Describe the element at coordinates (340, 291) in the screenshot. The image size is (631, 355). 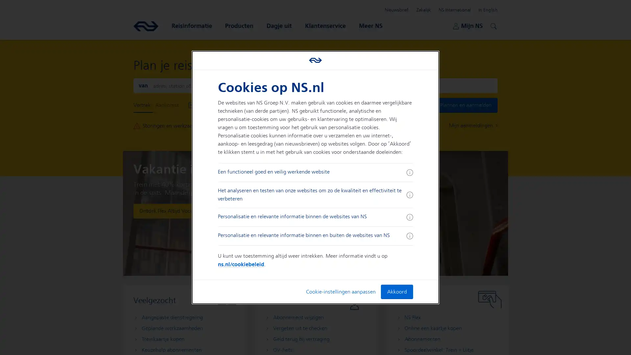
I see `Cookie-instellingen aanpassen` at that location.